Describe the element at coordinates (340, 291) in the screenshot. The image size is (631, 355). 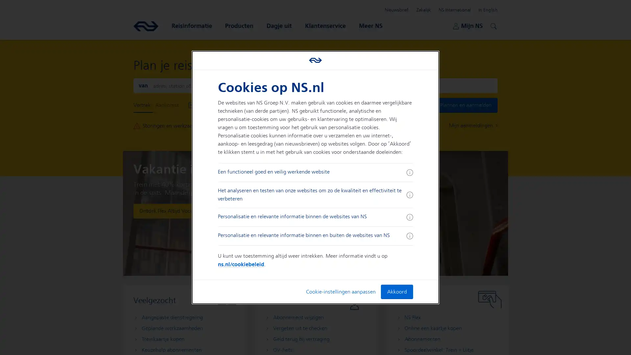
I see `Cookie-instellingen aanpassen` at that location.